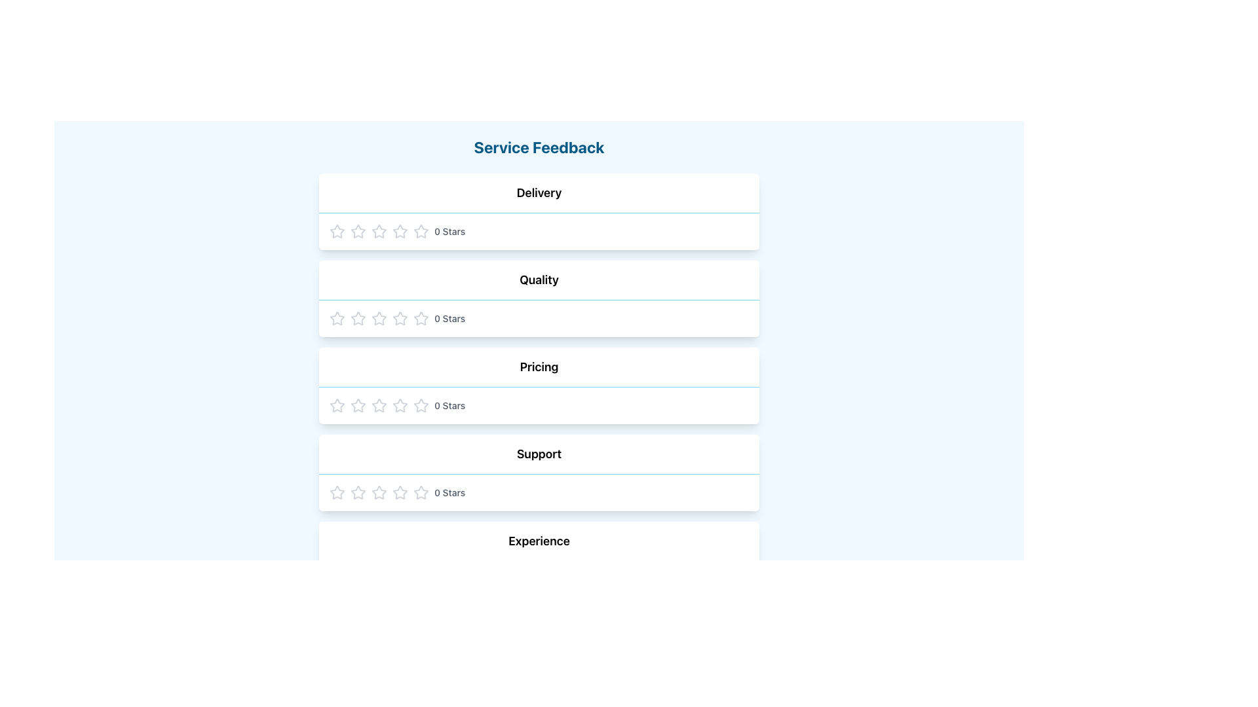  I want to click on the first star icon, so click(358, 405).